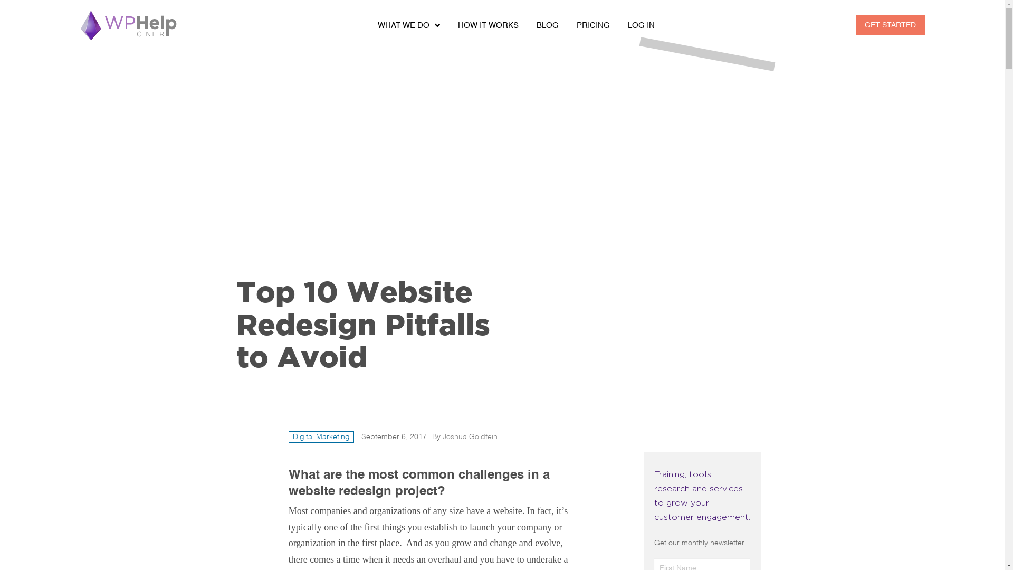  What do you see at coordinates (487, 24) in the screenshot?
I see `'HOW IT WORKS'` at bounding box center [487, 24].